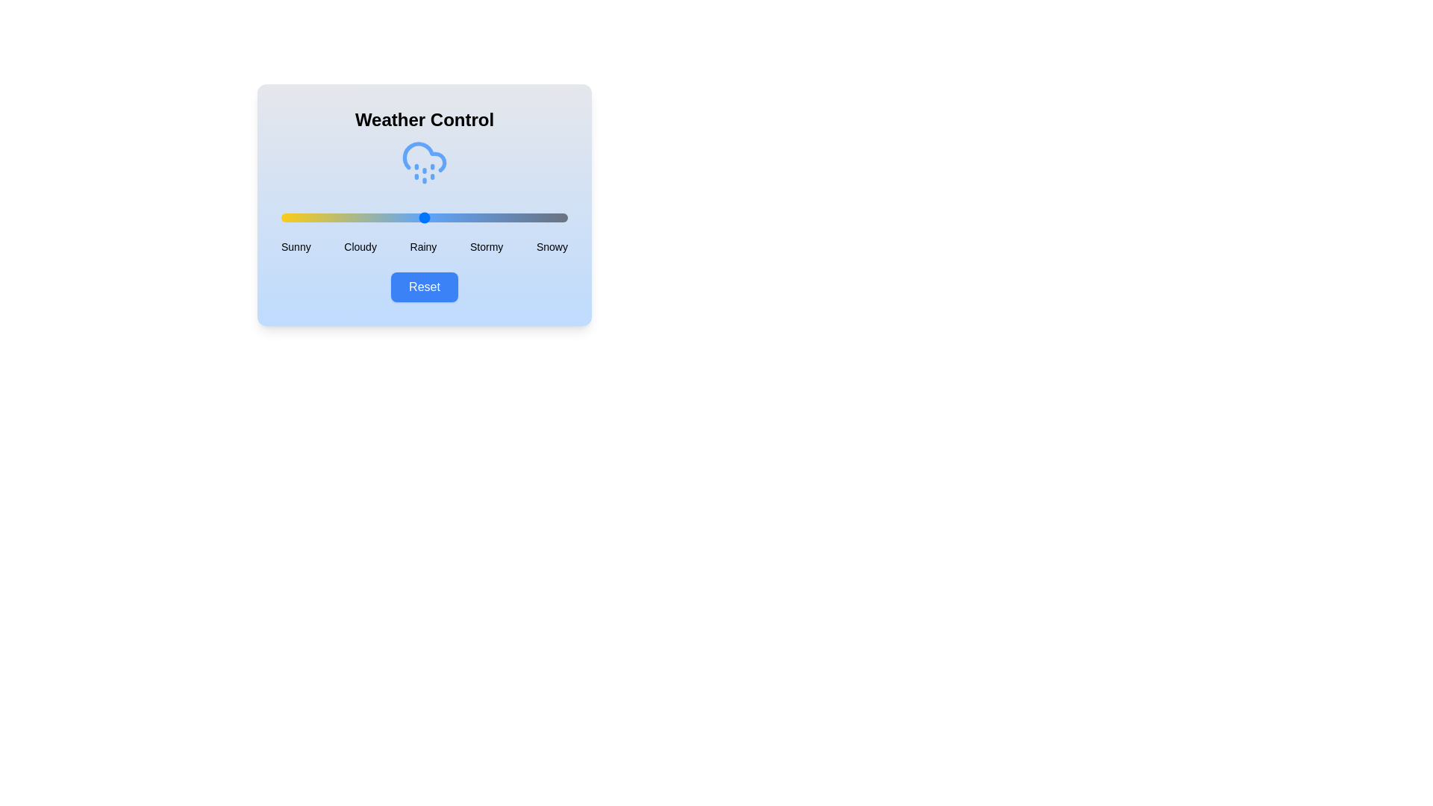 The image size is (1433, 806). What do you see at coordinates (416, 218) in the screenshot?
I see `the weather condition slider to 47` at bounding box center [416, 218].